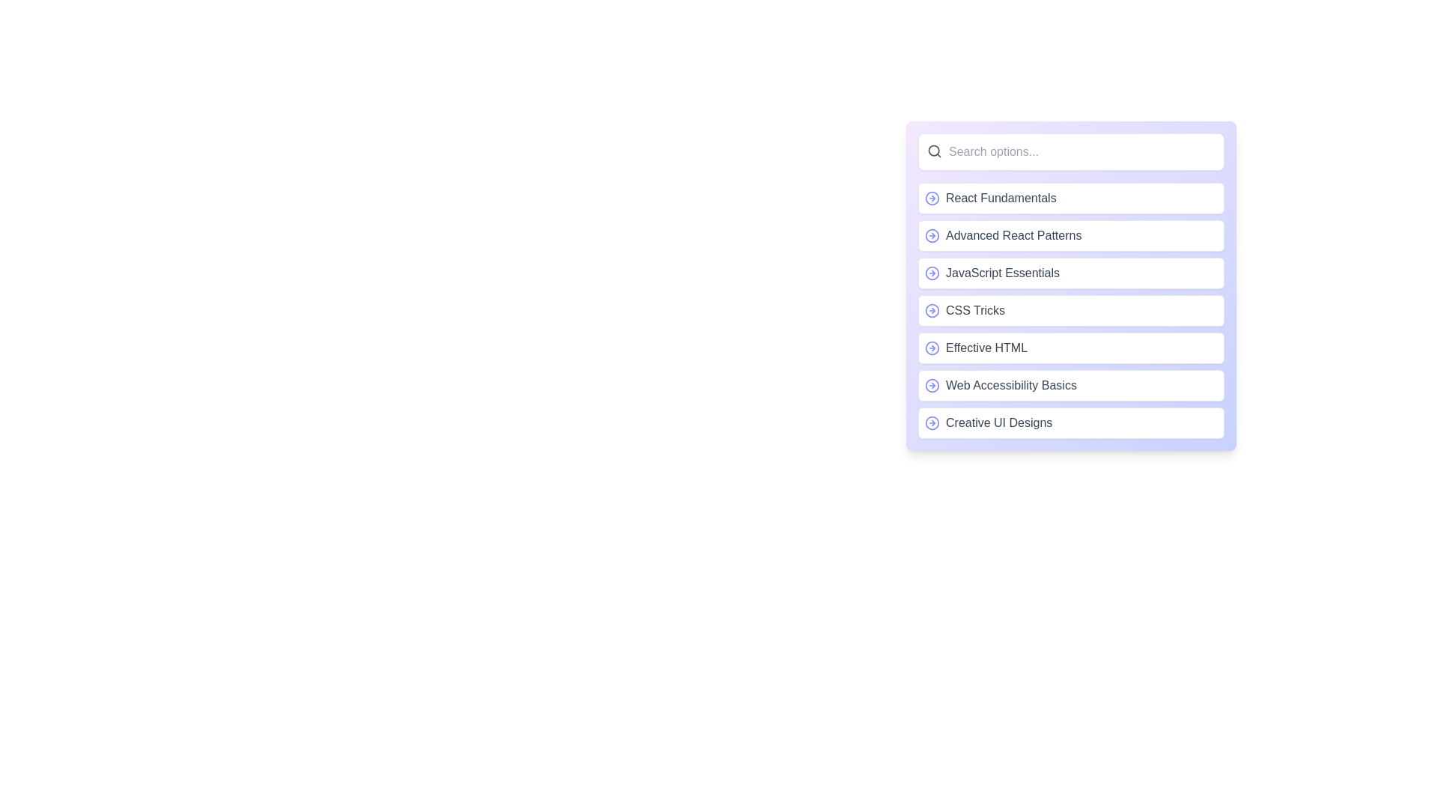 The width and height of the screenshot is (1438, 809). Describe the element at coordinates (1070, 310) in the screenshot. I see `the 'CSS Tricks' clickable list item, which is the fourth item in a vertical list` at that location.